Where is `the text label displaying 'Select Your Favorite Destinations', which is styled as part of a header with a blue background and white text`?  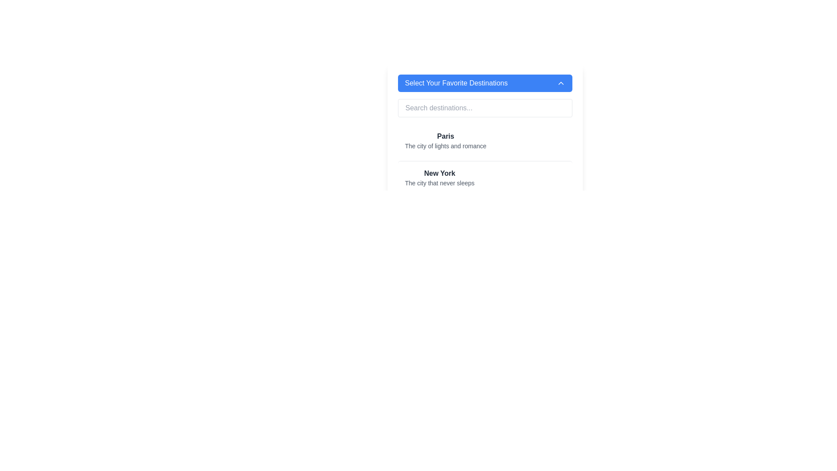 the text label displaying 'Select Your Favorite Destinations', which is styled as part of a header with a blue background and white text is located at coordinates (456, 83).